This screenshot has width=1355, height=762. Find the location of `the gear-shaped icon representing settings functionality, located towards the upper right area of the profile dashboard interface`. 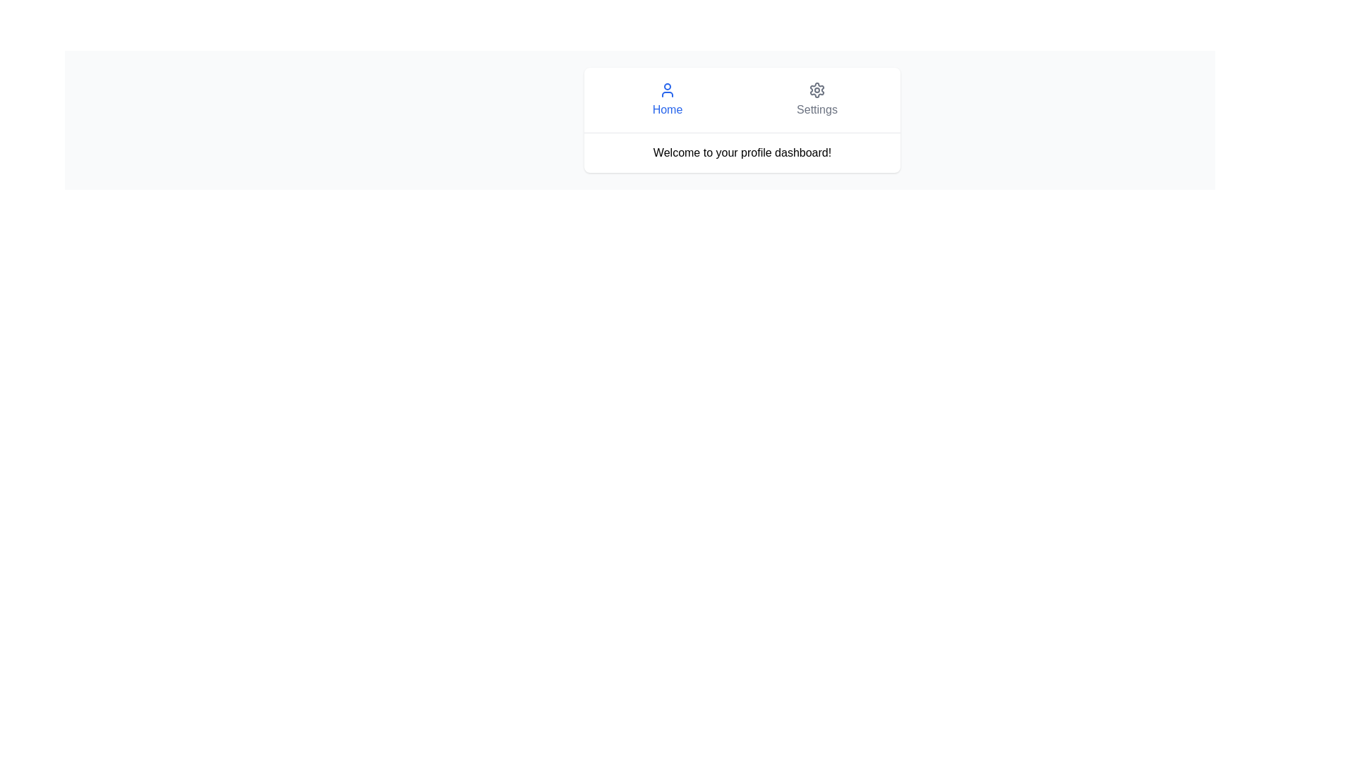

the gear-shaped icon representing settings functionality, located towards the upper right area of the profile dashboard interface is located at coordinates (817, 90).